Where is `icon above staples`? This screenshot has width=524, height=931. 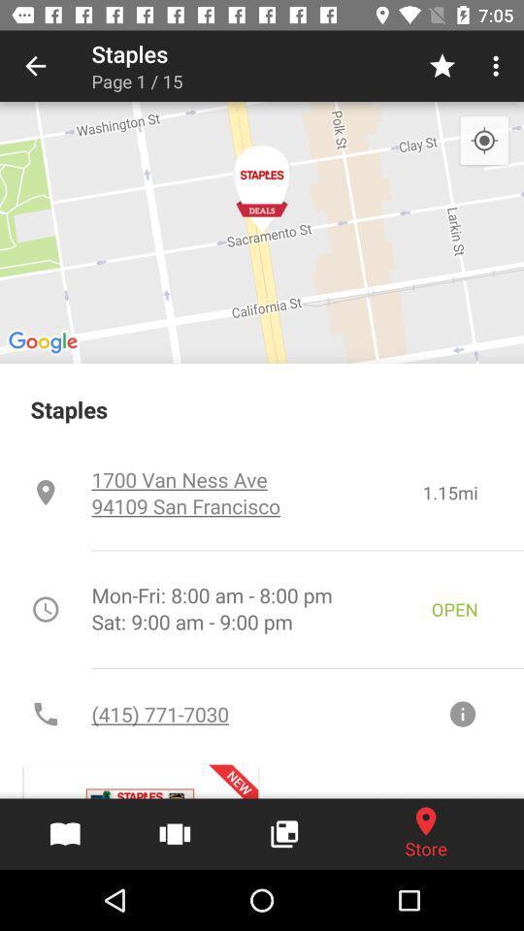
icon above staples is located at coordinates (483, 140).